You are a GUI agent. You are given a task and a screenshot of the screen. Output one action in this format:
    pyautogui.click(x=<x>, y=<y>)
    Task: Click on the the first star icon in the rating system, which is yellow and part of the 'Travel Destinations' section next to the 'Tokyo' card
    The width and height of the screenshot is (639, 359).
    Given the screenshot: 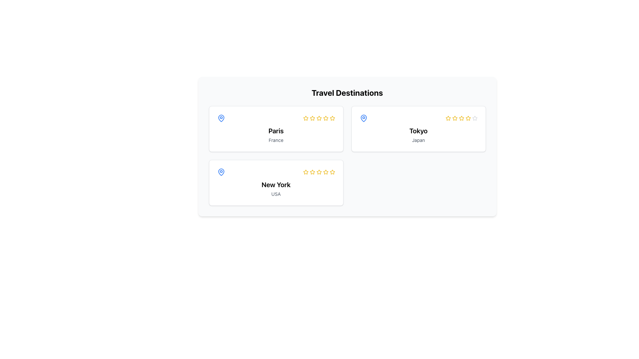 What is the action you would take?
    pyautogui.click(x=448, y=118)
    